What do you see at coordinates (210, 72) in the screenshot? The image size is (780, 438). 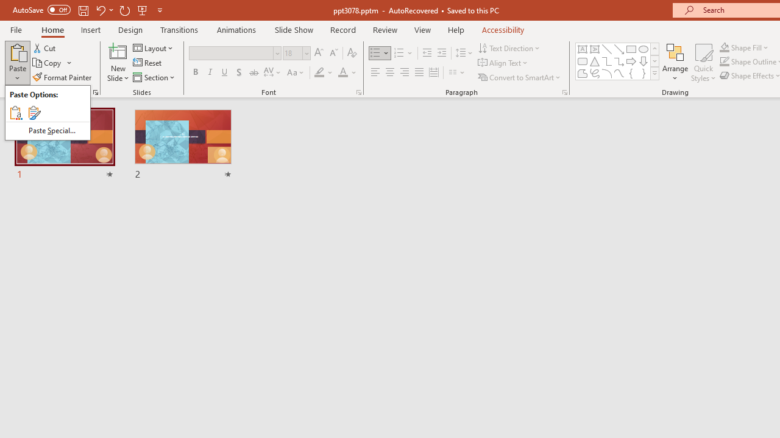 I see `'Italic'` at bounding box center [210, 72].